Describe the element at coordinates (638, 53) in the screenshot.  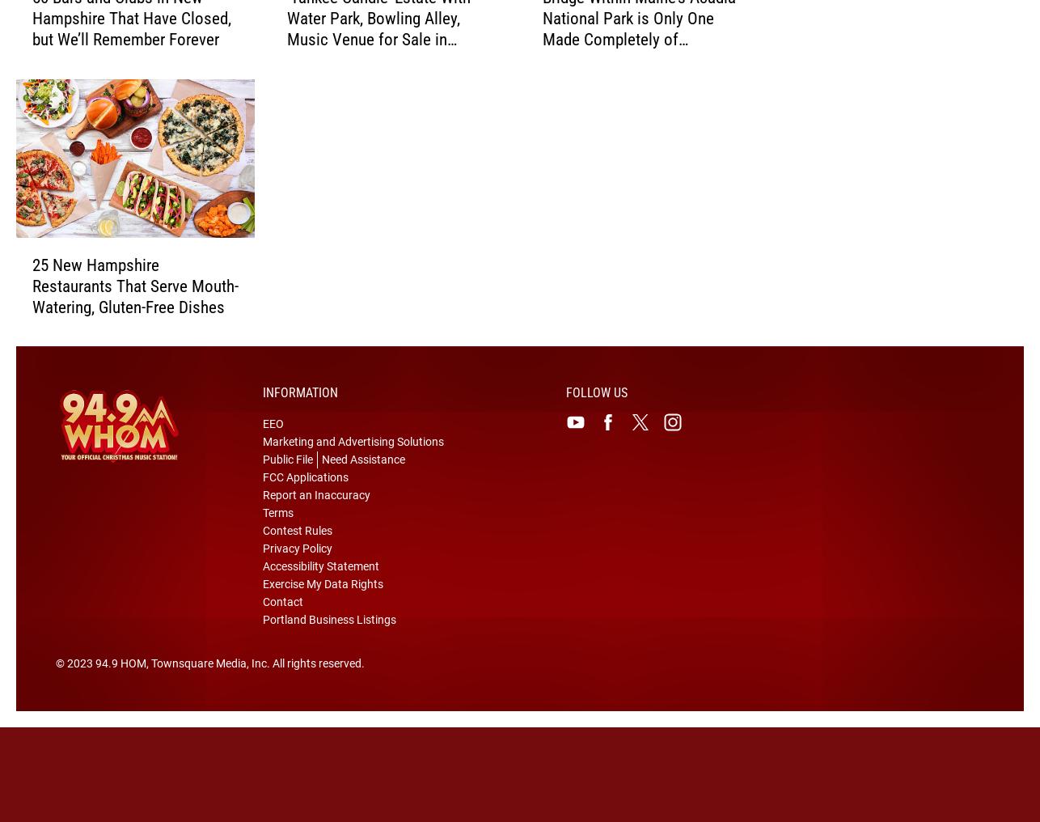
I see `'Bridge Within Maine’s Acadia National Park is Only One Made Completely of Cobblestones'` at that location.